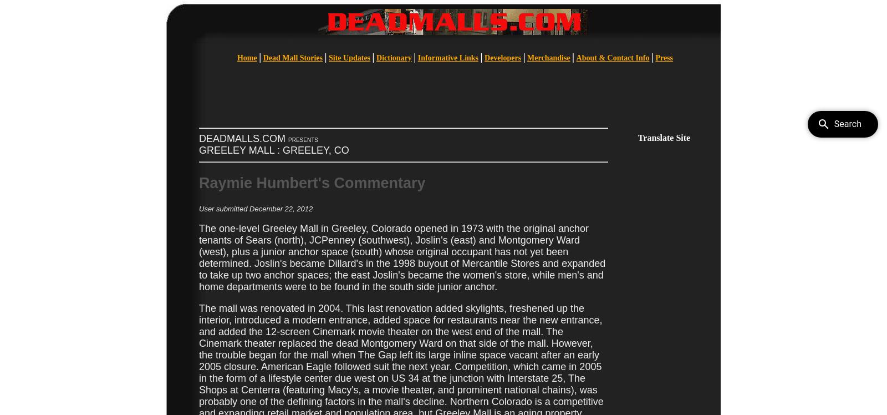  I want to click on 'Translate Site', so click(664, 137).